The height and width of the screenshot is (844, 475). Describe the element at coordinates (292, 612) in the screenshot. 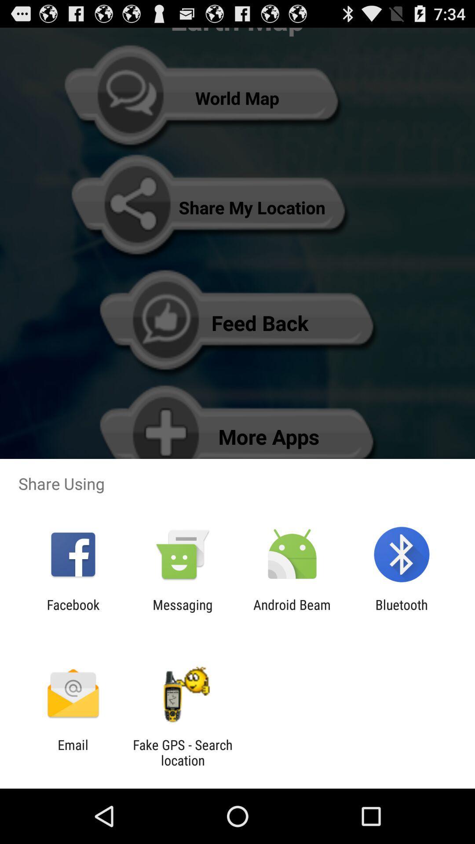

I see `the icon to the right of the messaging` at that location.